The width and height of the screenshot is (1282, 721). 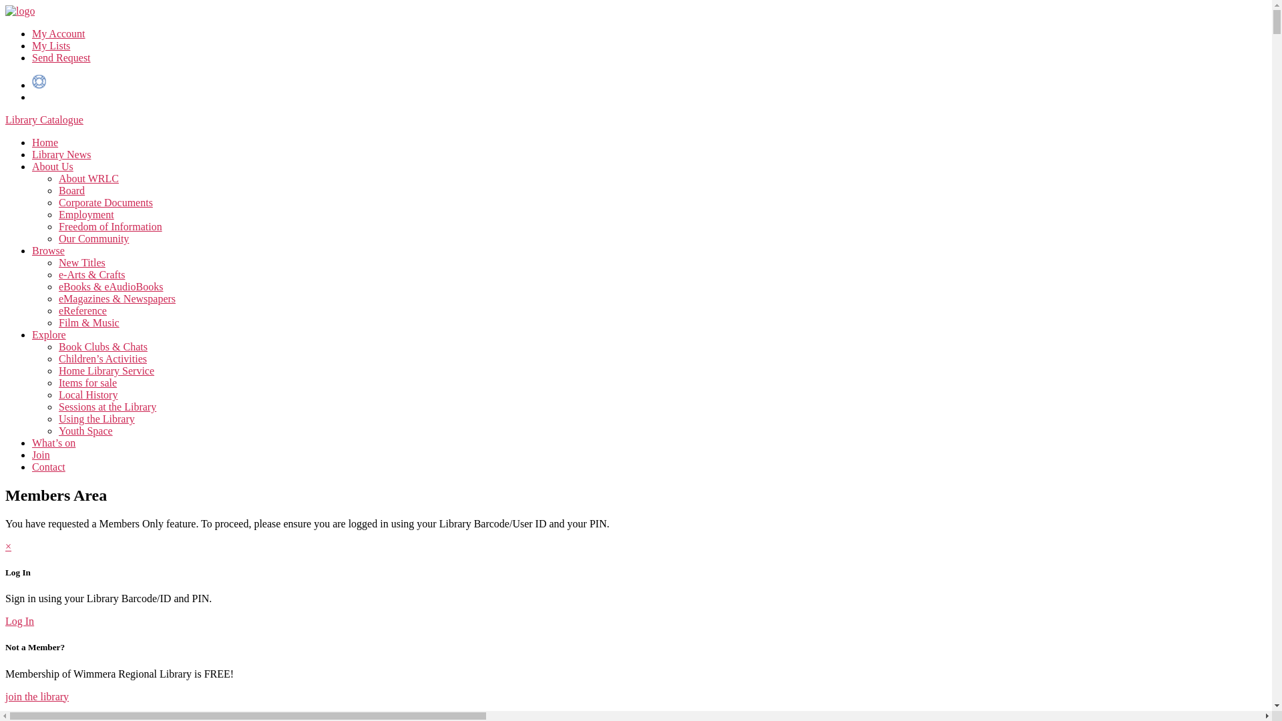 I want to click on 'Youth Space', so click(x=85, y=431).